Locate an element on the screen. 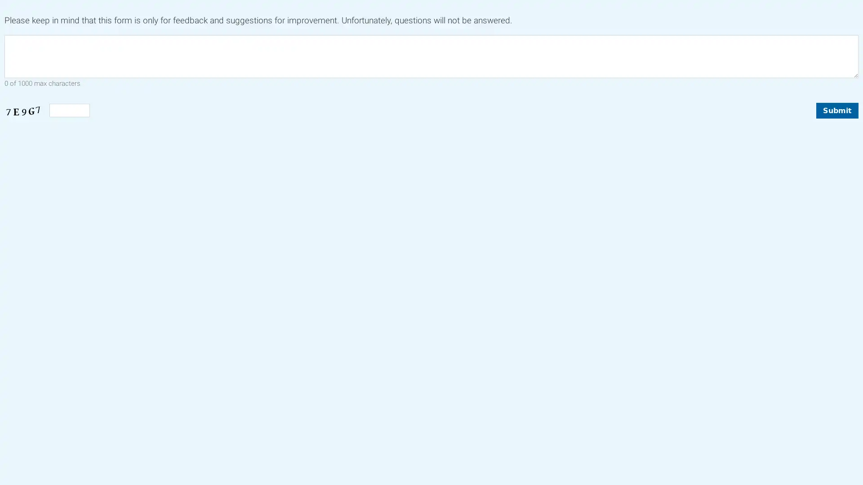 The height and width of the screenshot is (485, 863). Submit is located at coordinates (836, 110).